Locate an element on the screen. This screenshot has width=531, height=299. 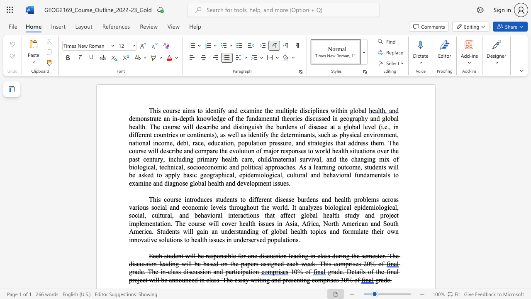
the 14th character "e" in the text is located at coordinates (288, 264).